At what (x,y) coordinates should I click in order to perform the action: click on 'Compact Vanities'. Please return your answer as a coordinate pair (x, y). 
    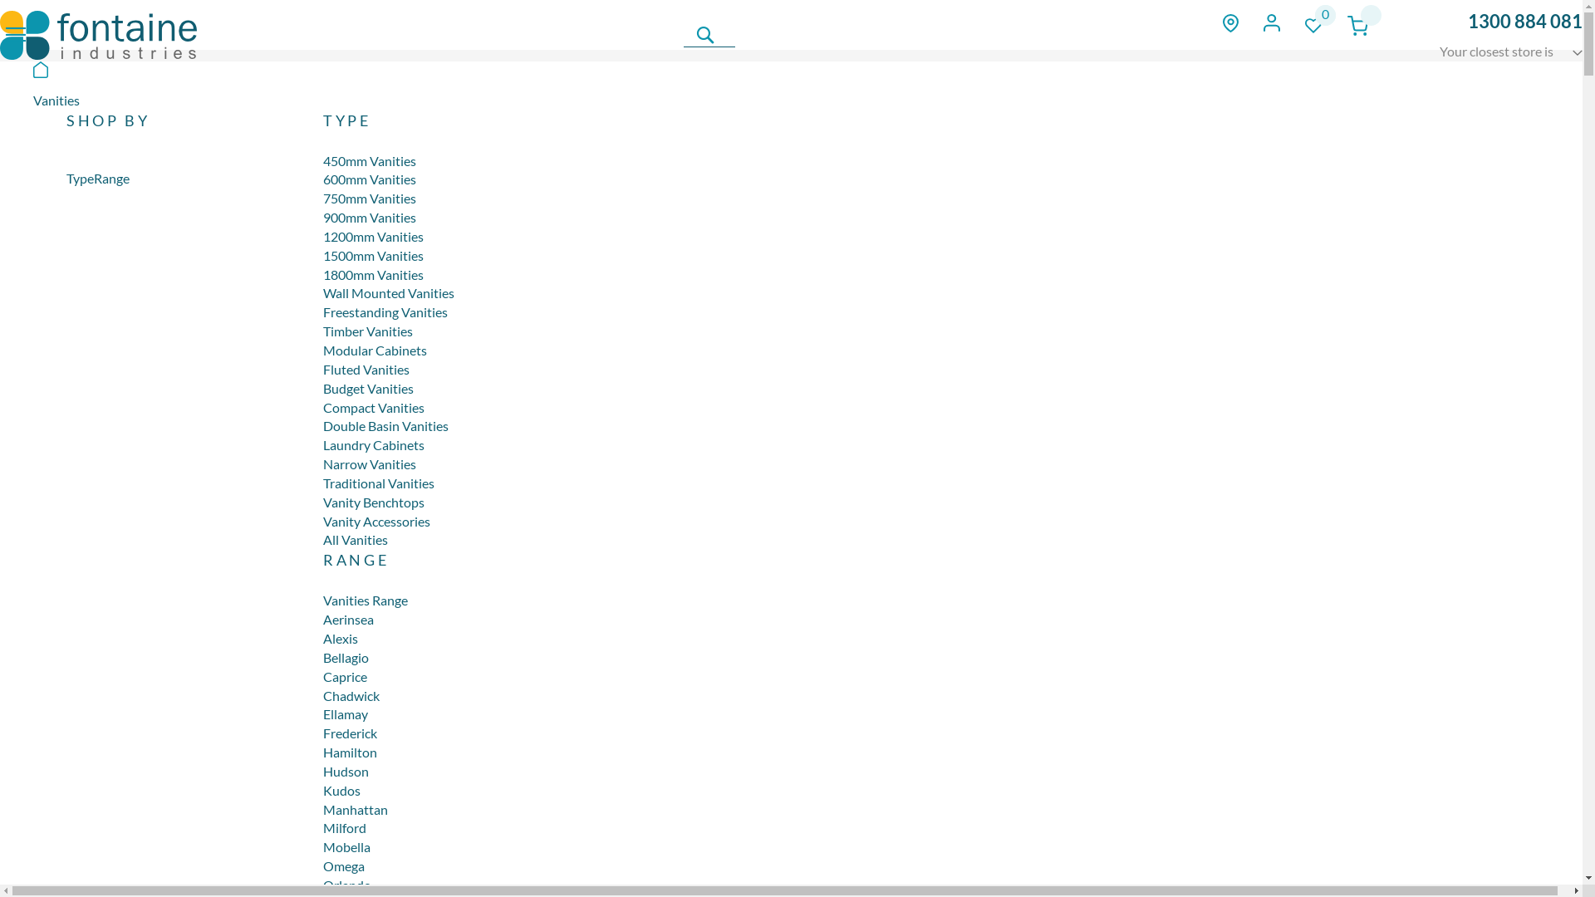
    Looking at the image, I should click on (373, 407).